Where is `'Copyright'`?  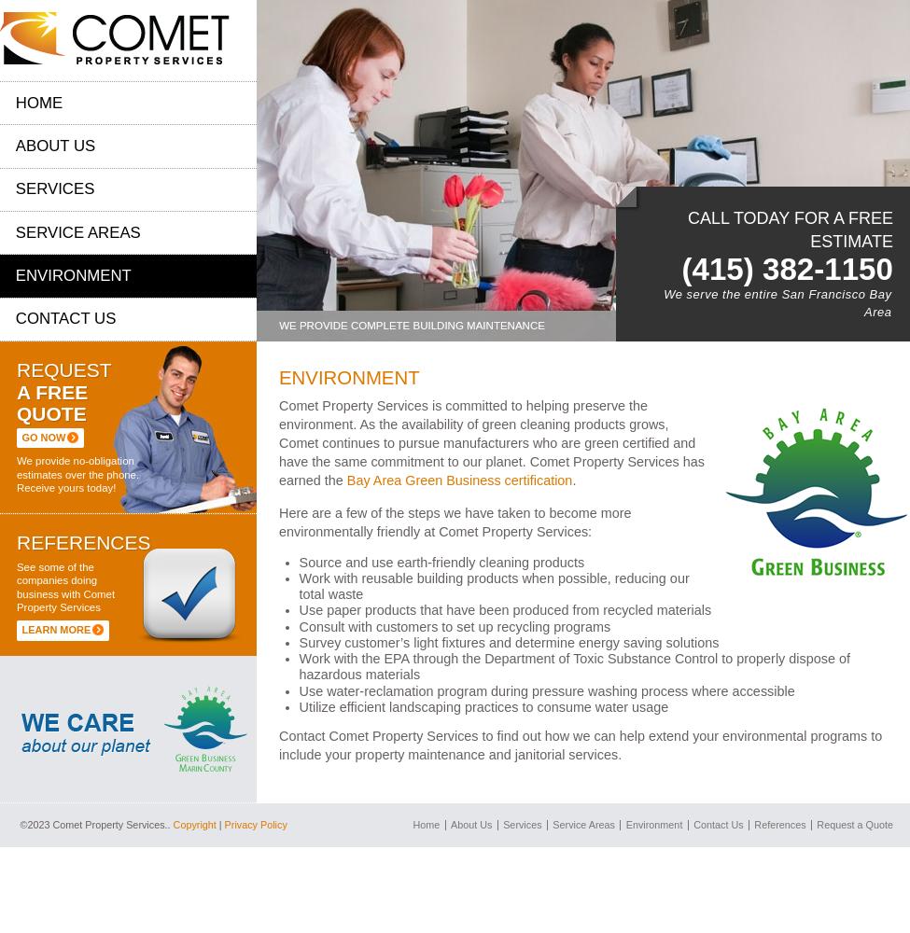 'Copyright' is located at coordinates (193, 825).